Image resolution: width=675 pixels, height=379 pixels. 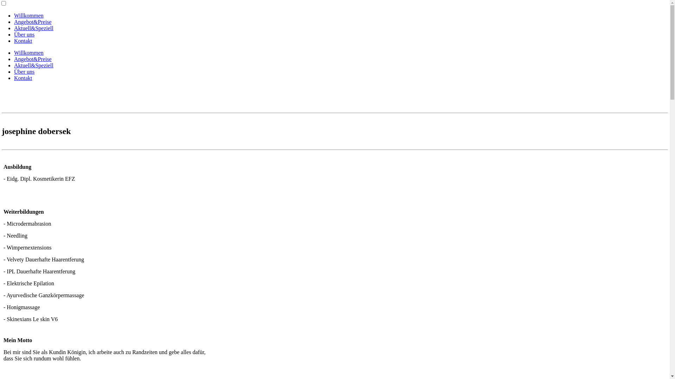 What do you see at coordinates (33, 28) in the screenshot?
I see `'Aktuell&Speziell'` at bounding box center [33, 28].